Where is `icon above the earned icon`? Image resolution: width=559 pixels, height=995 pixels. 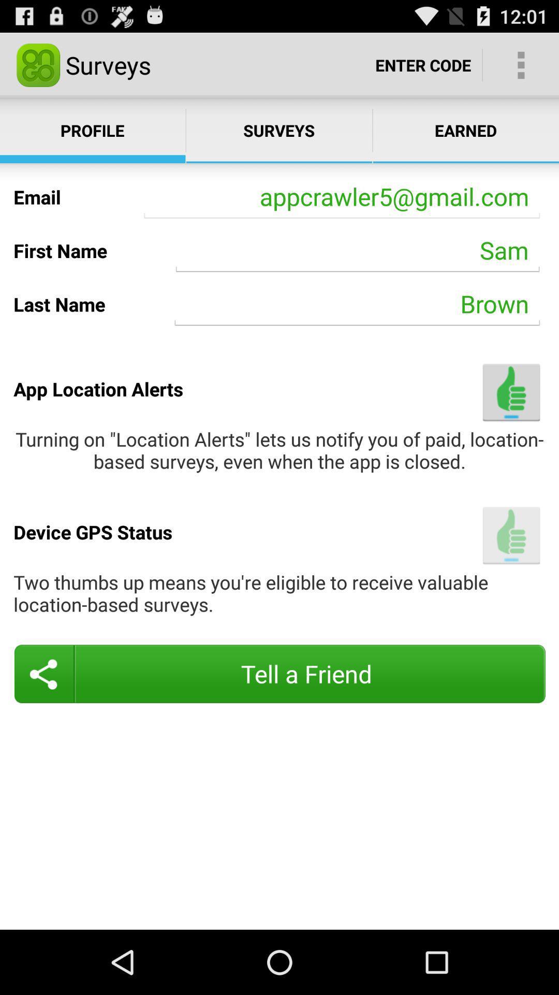 icon above the earned icon is located at coordinates (423, 64).